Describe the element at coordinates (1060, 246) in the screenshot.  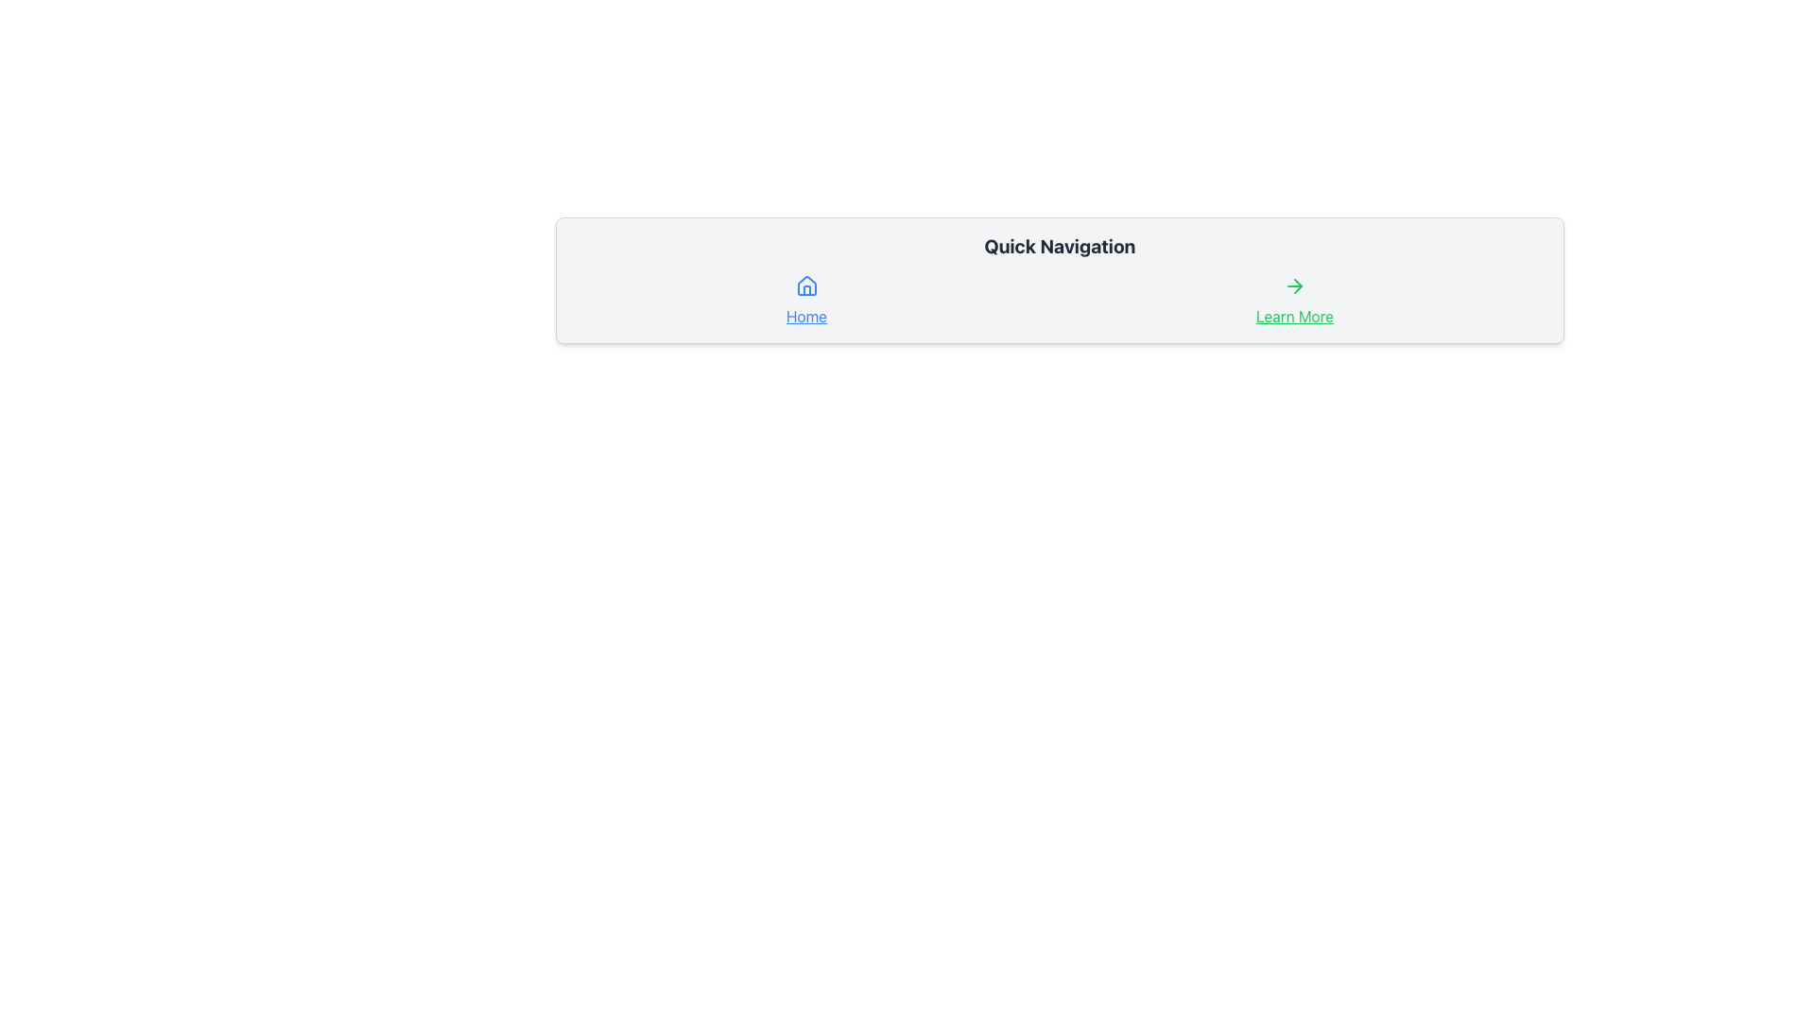
I see `the 'Quick Navigation' text label, which is styled with a bold font and dark gray color, located near the top-center of the interface` at that location.